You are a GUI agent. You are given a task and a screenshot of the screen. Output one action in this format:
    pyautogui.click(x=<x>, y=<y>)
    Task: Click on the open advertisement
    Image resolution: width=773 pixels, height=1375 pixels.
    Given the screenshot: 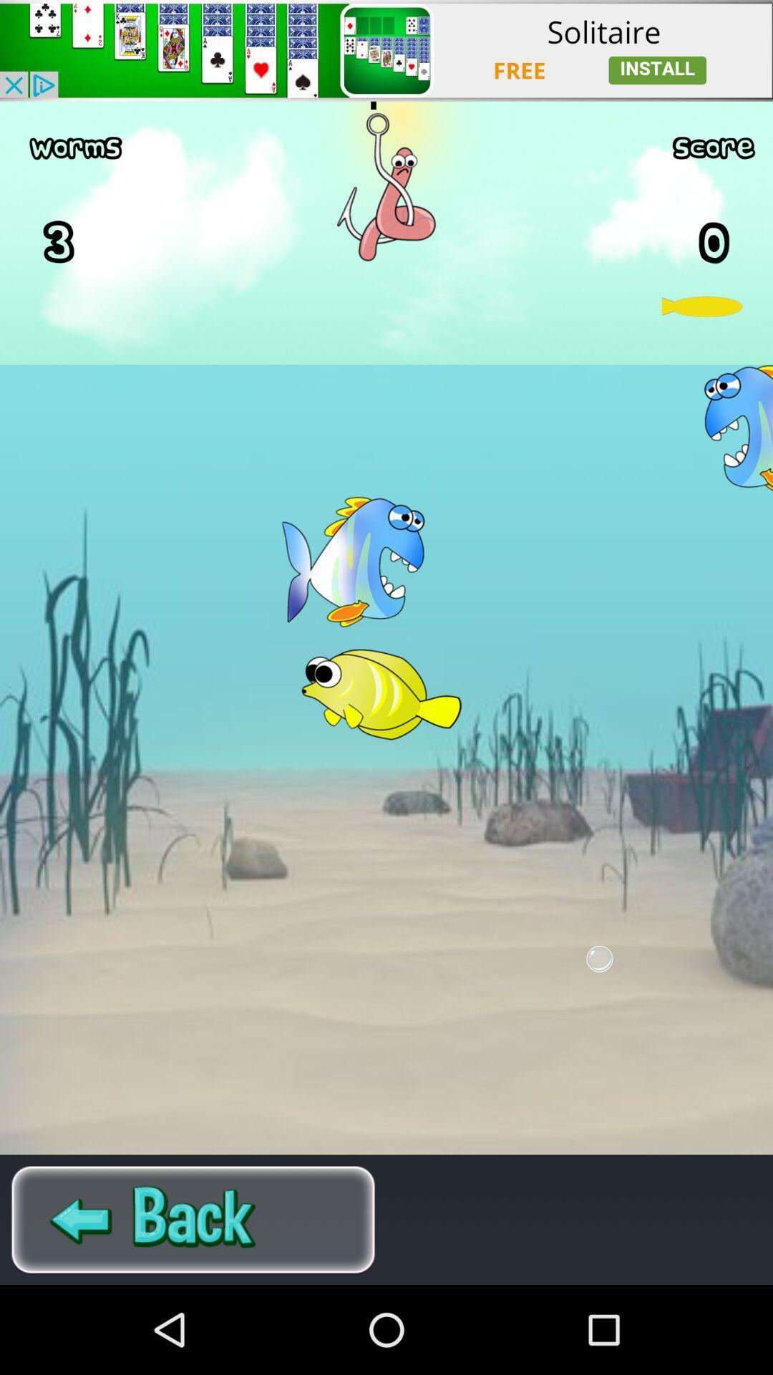 What is the action you would take?
    pyautogui.click(x=386, y=50)
    